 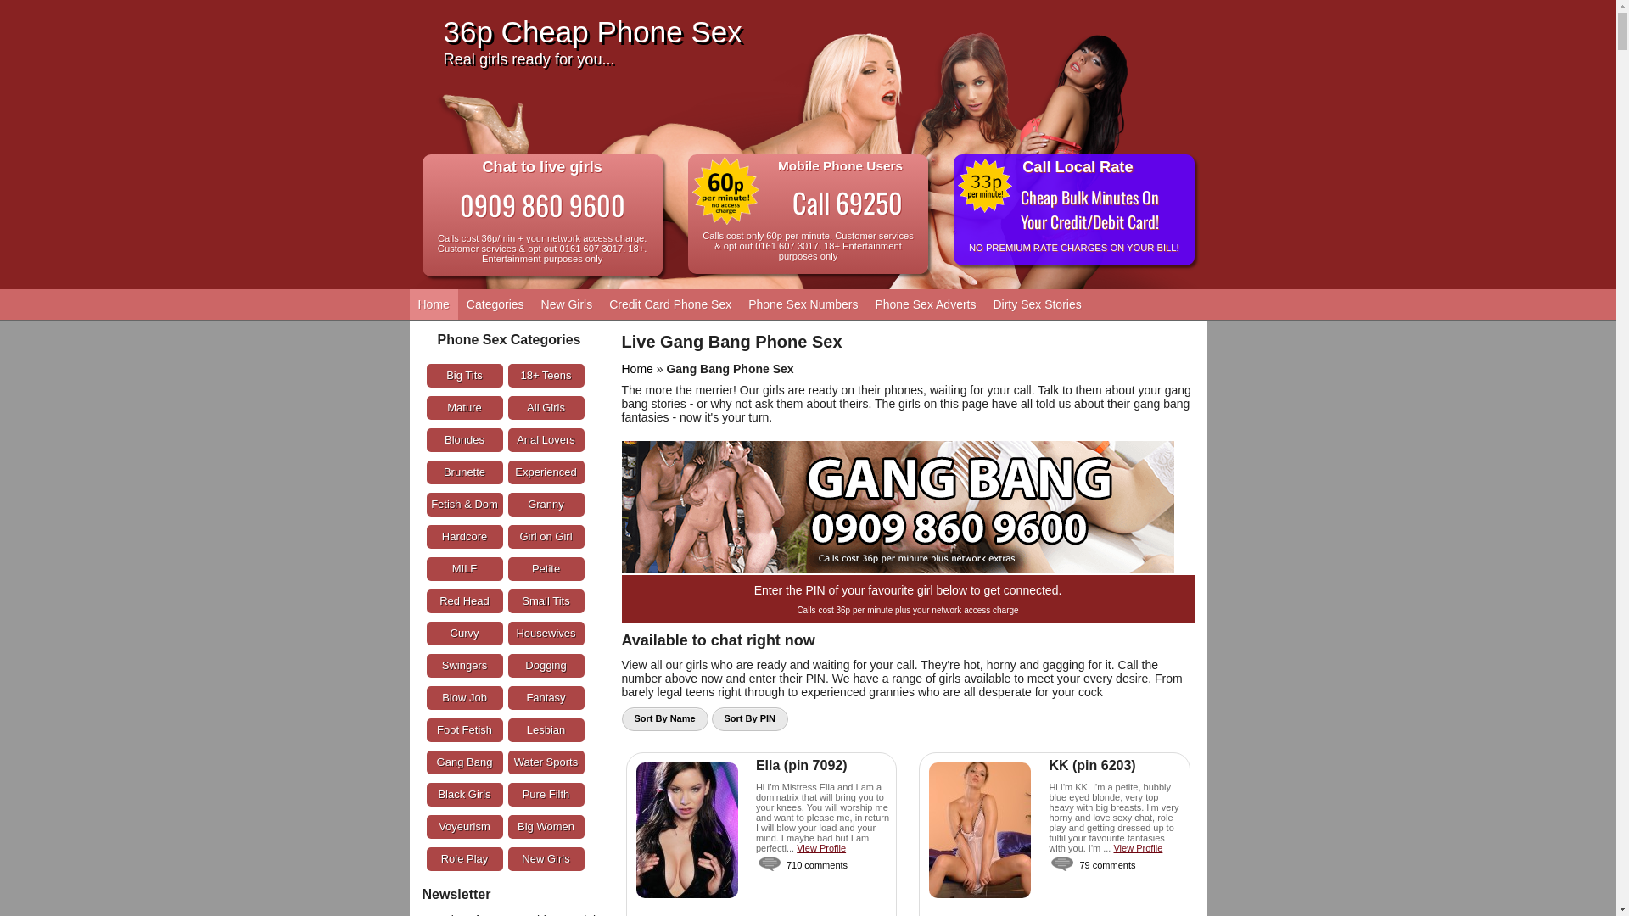 I want to click on 'Blow Job', so click(x=464, y=697).